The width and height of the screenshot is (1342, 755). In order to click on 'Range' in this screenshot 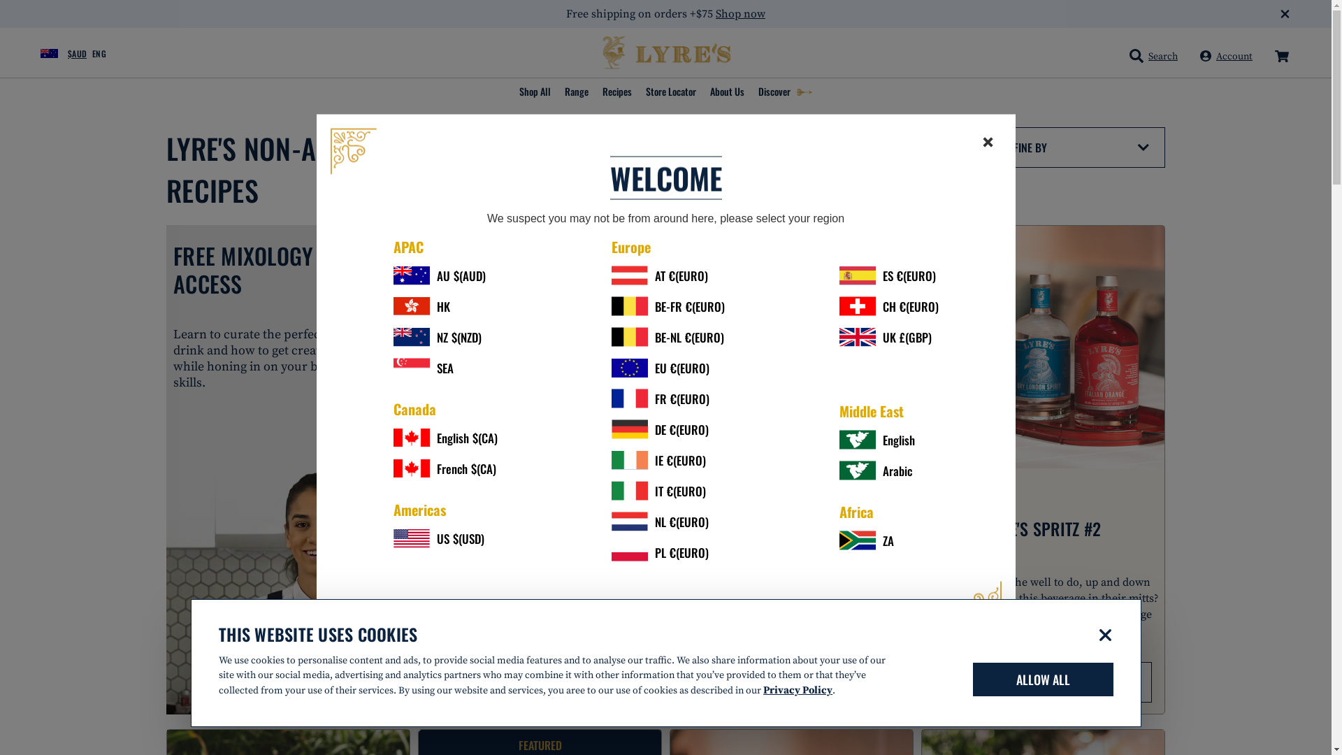, I will do `click(577, 92)`.